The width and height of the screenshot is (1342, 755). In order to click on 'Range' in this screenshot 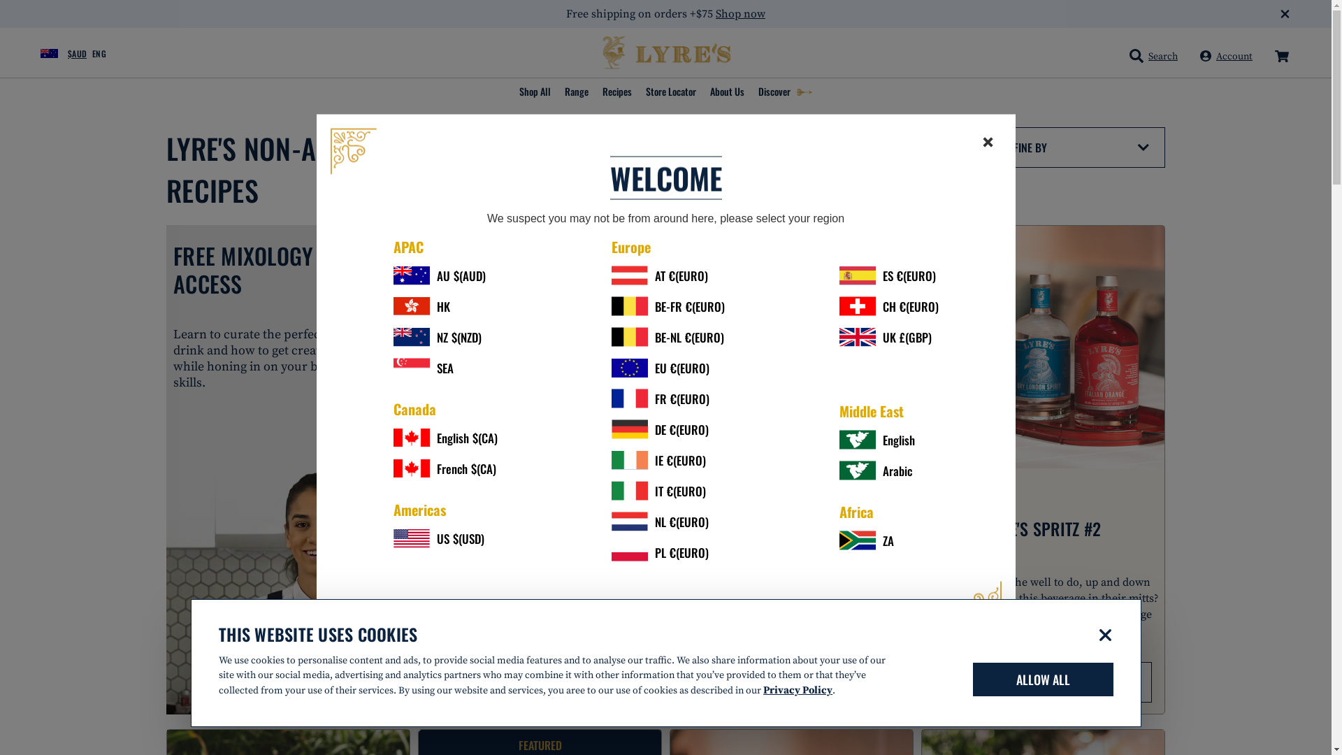, I will do `click(577, 92)`.